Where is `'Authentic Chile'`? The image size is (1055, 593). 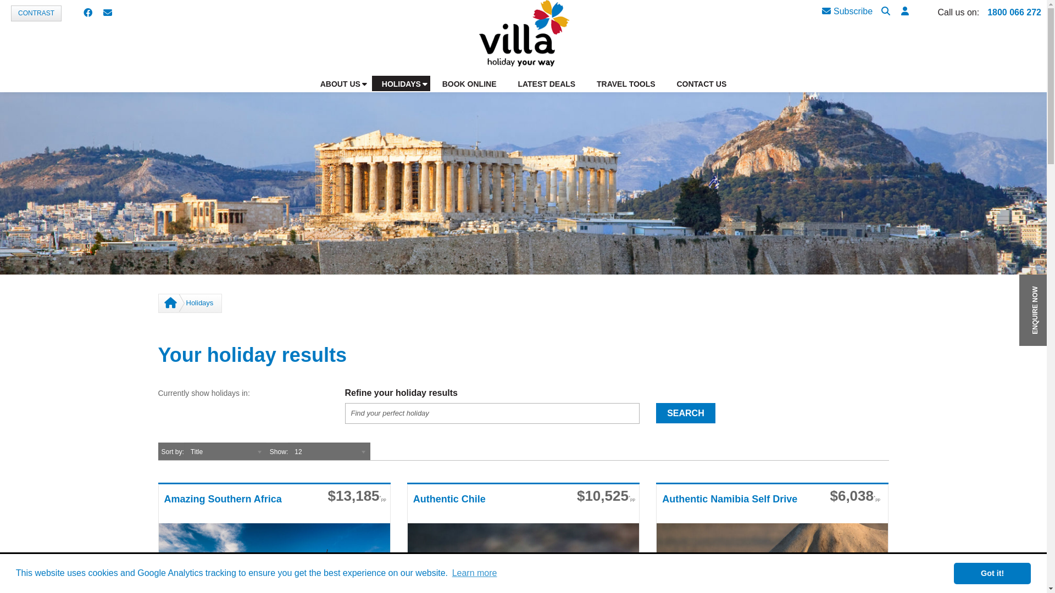
'Authentic Chile' is located at coordinates (484, 507).